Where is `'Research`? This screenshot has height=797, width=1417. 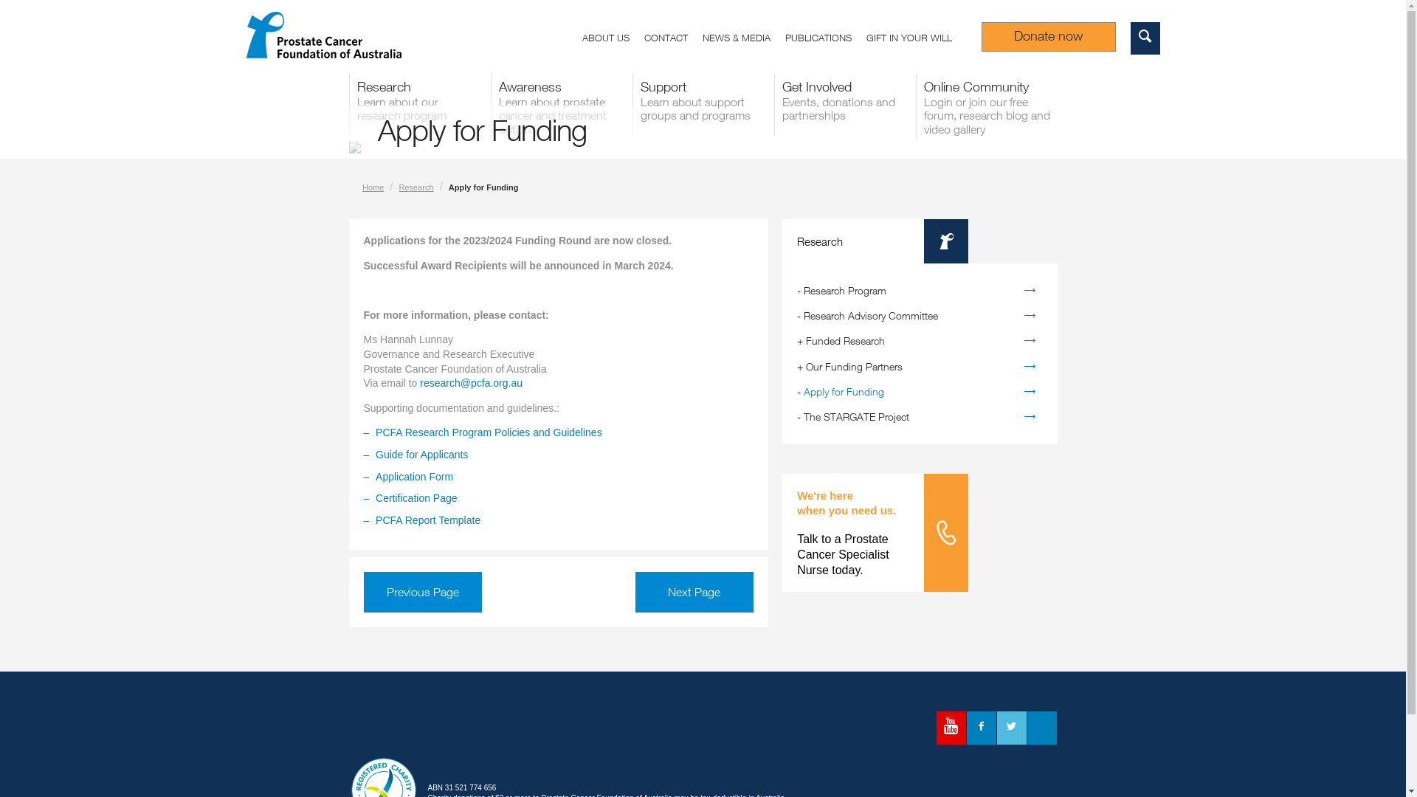
'Research is located at coordinates (418, 103).